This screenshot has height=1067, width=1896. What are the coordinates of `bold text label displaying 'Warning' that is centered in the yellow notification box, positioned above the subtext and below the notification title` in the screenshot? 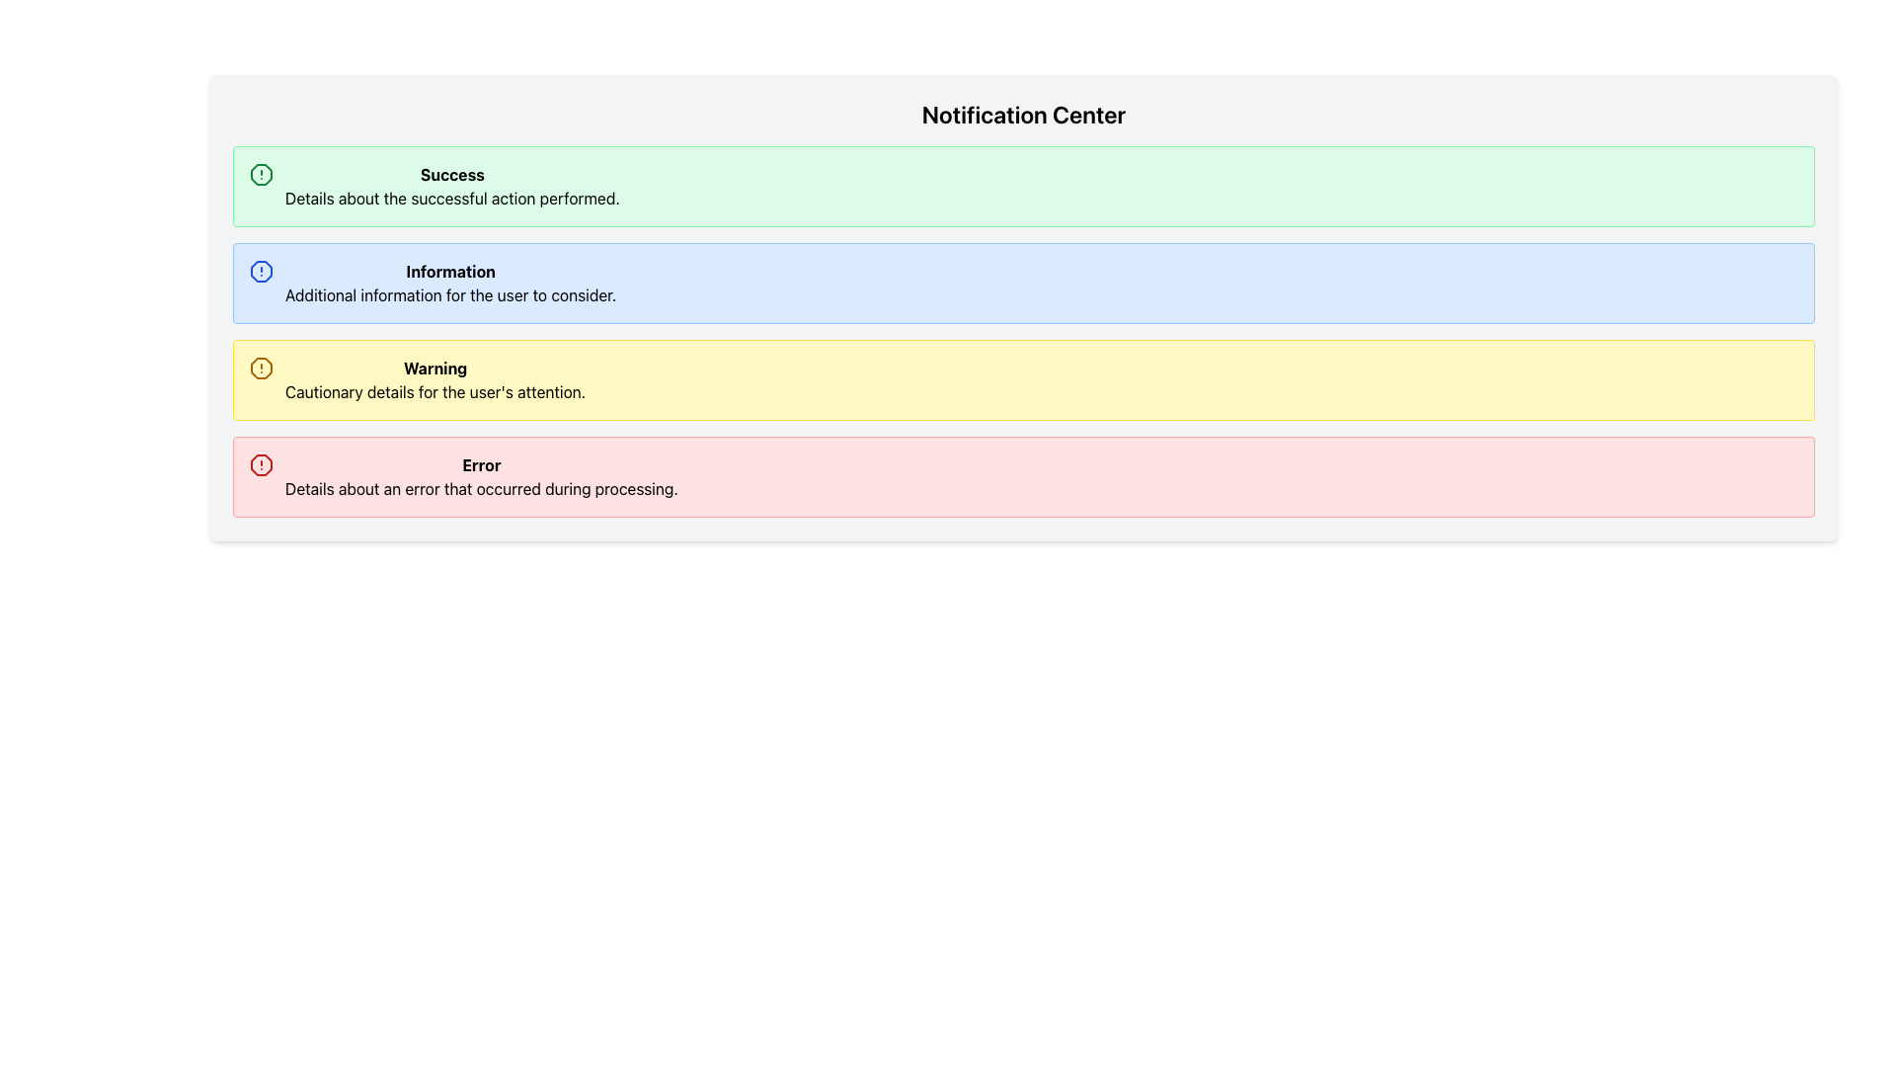 It's located at (434, 369).